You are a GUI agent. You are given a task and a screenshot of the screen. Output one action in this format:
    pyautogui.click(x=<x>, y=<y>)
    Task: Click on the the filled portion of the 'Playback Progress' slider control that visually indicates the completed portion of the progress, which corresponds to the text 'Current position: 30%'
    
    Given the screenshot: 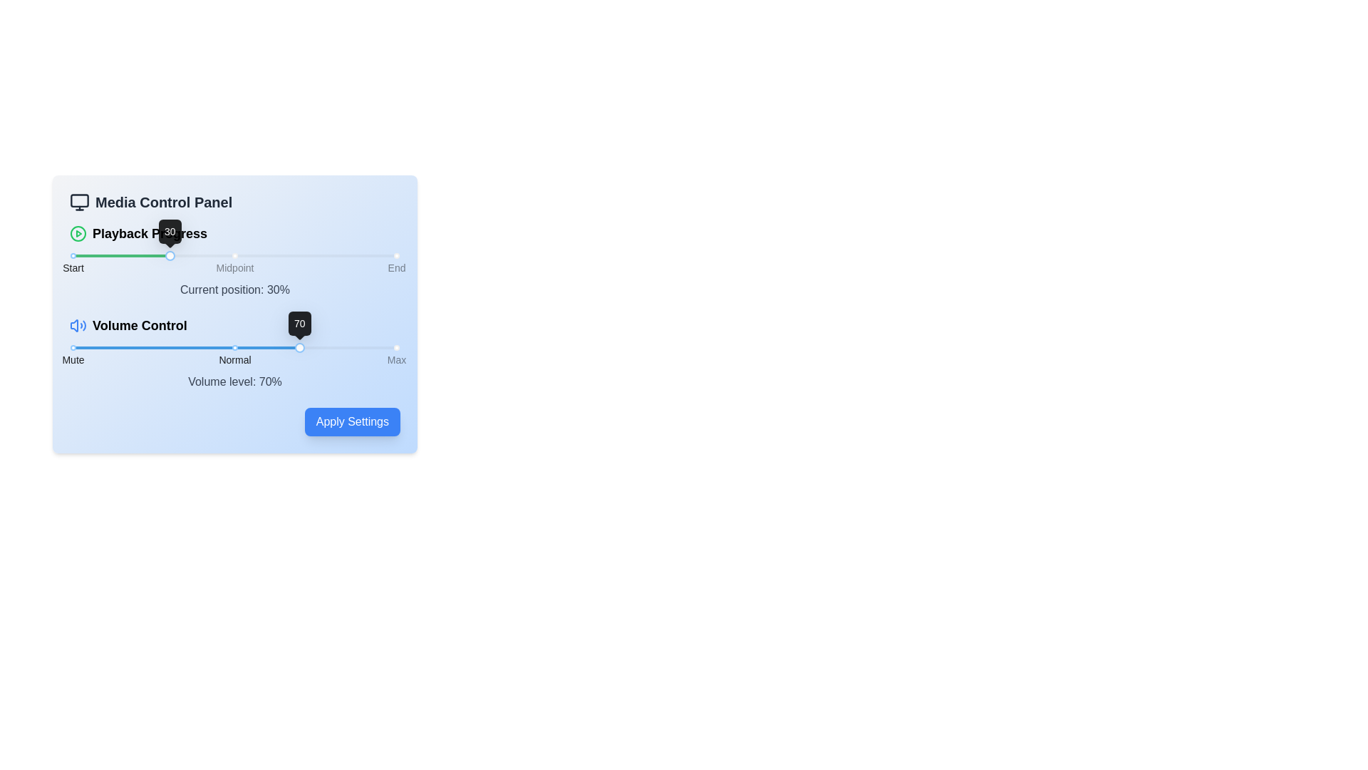 What is the action you would take?
    pyautogui.click(x=122, y=255)
    